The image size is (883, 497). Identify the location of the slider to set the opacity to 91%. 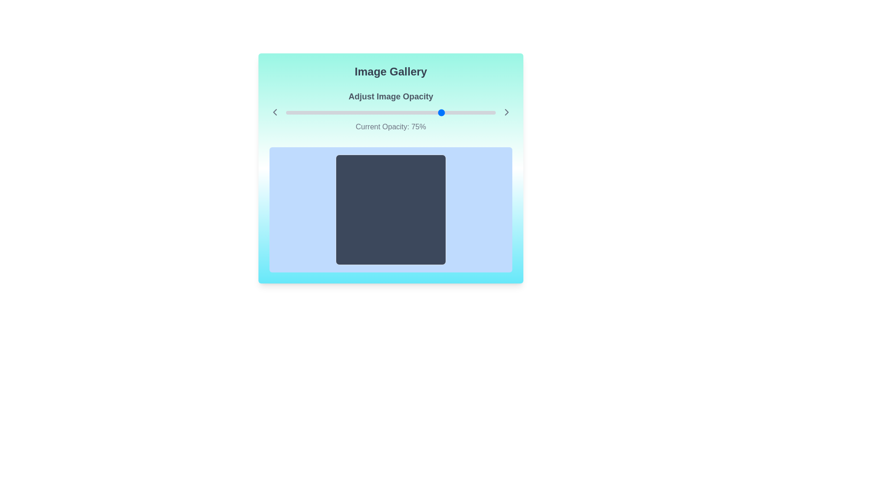
(476, 112).